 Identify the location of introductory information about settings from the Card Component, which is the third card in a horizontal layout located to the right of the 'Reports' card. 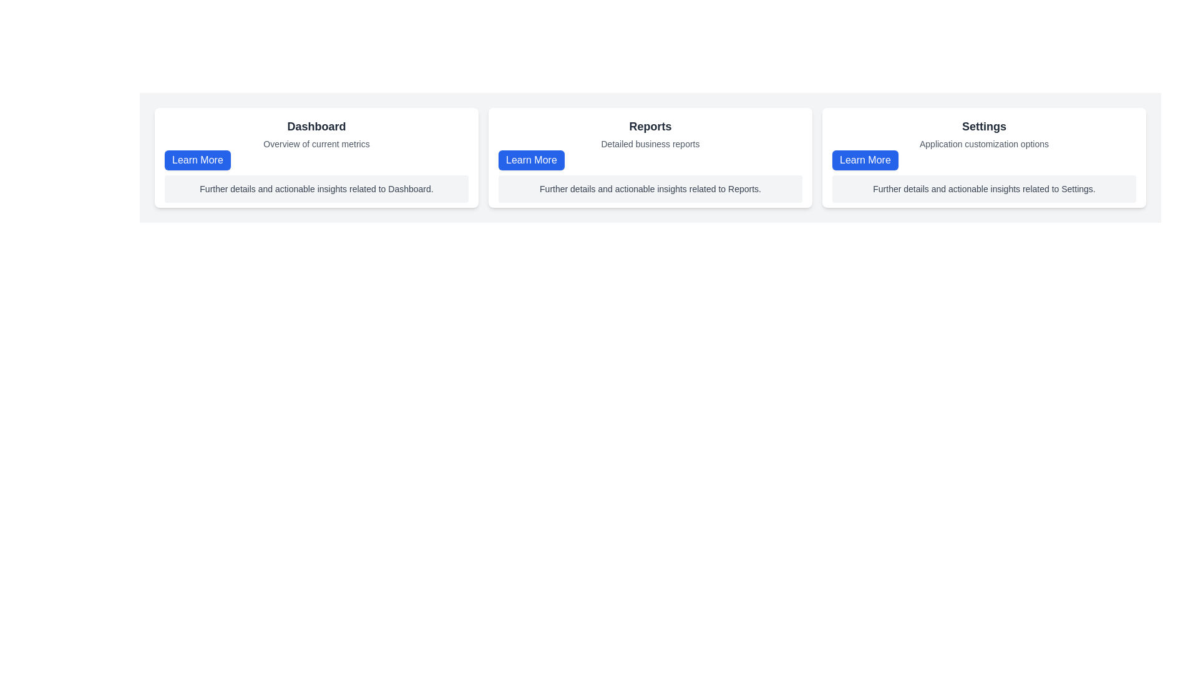
(983, 157).